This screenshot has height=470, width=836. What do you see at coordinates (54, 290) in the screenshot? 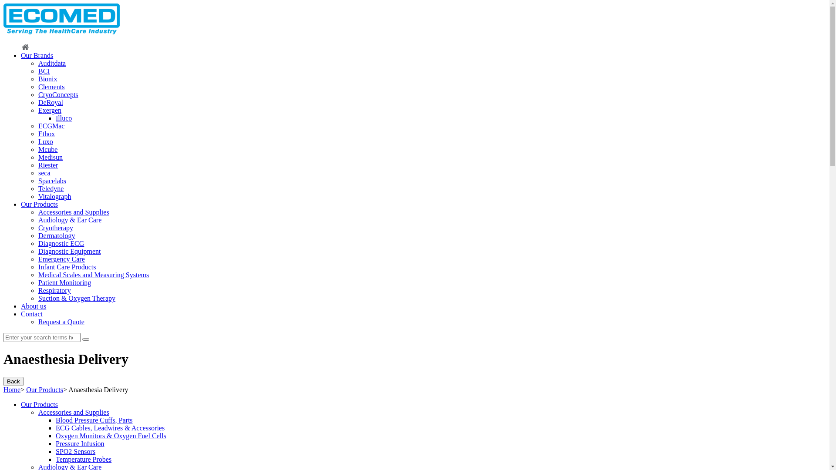
I see `'Respiratory'` at bounding box center [54, 290].